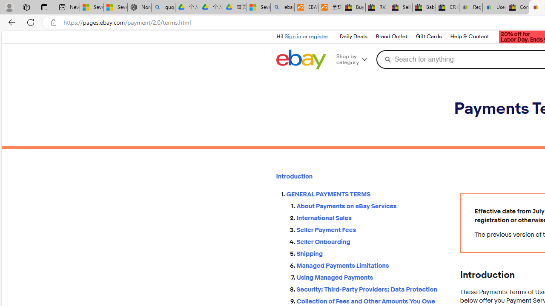 Image resolution: width=545 pixels, height=306 pixels. I want to click on 'Seller Payment Fees', so click(371, 228).